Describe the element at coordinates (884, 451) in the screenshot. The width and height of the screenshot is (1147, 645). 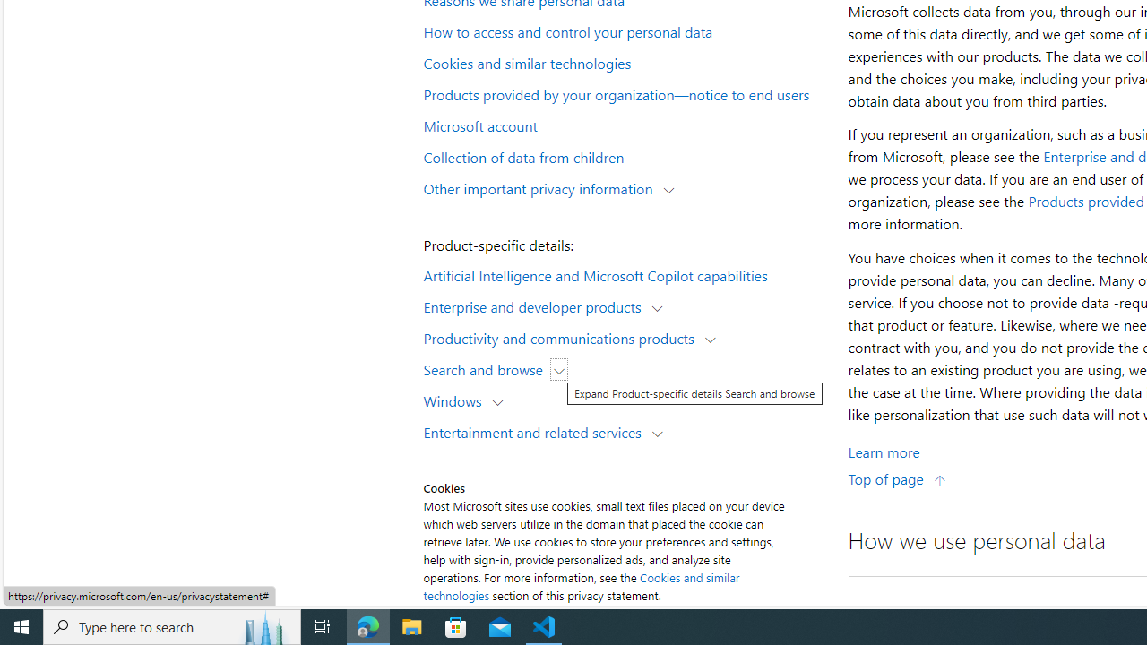
I see `'Learn More about Personal data we collect'` at that location.